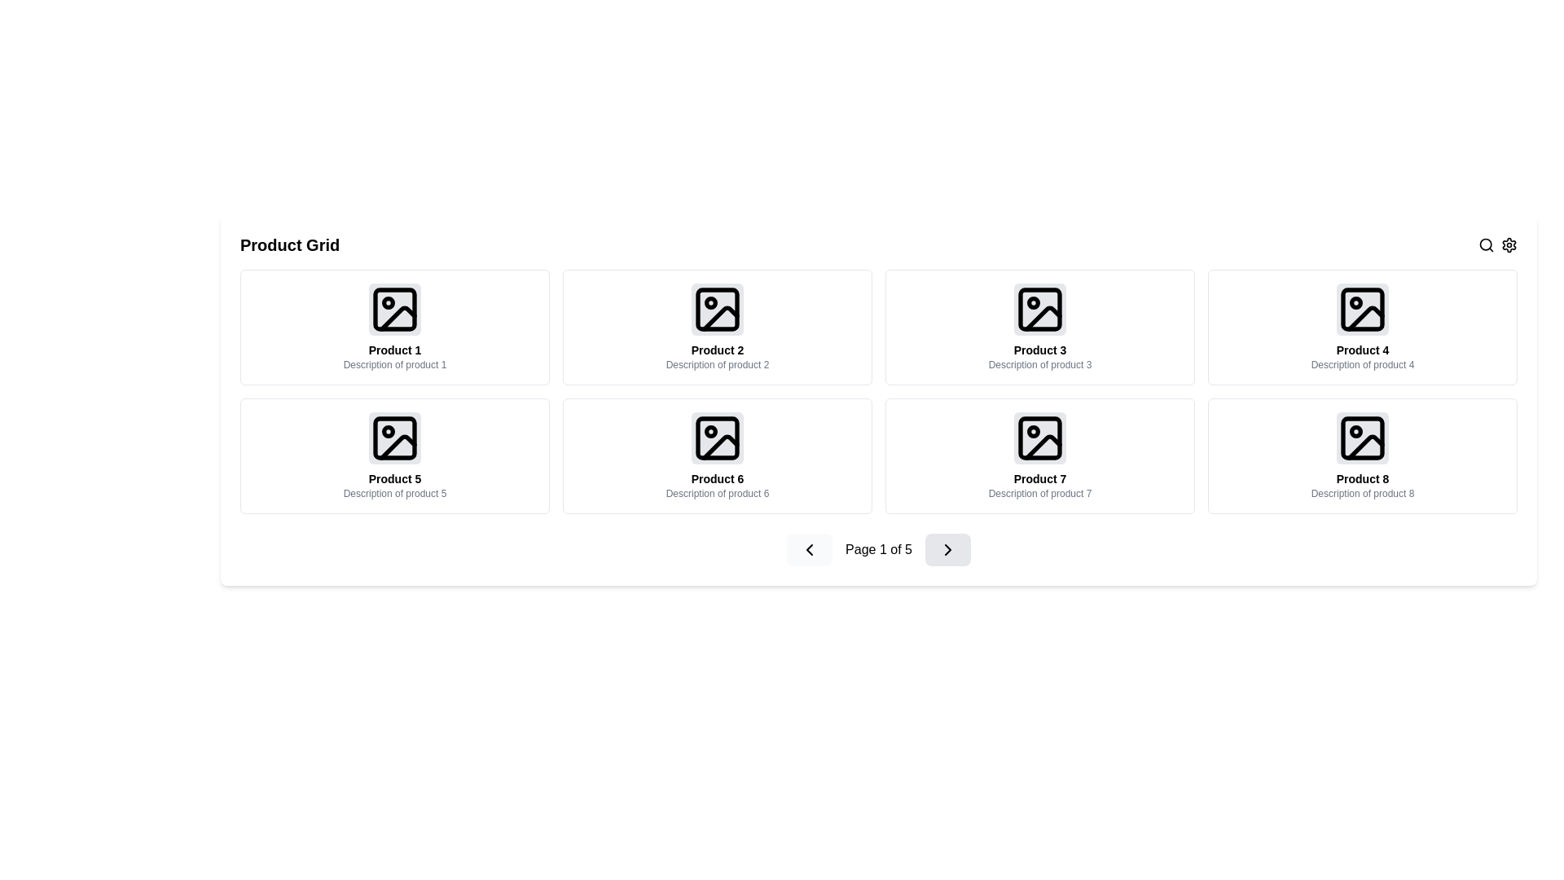 This screenshot has width=1564, height=880. Describe the element at coordinates (809, 550) in the screenshot. I see `the 'Previous' button located within the navigation controls at the bottom center of the interface` at that location.